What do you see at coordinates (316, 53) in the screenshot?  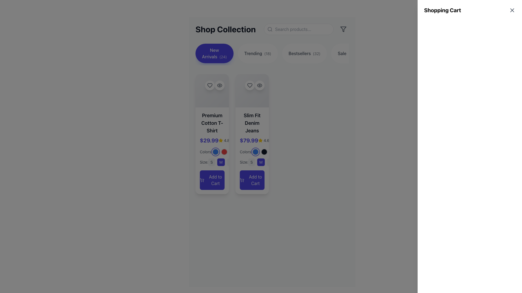 I see `the text label displaying the count of items associated with the 'Bestsellers' category, located to the right of the 'Bestsellers' button` at bounding box center [316, 53].